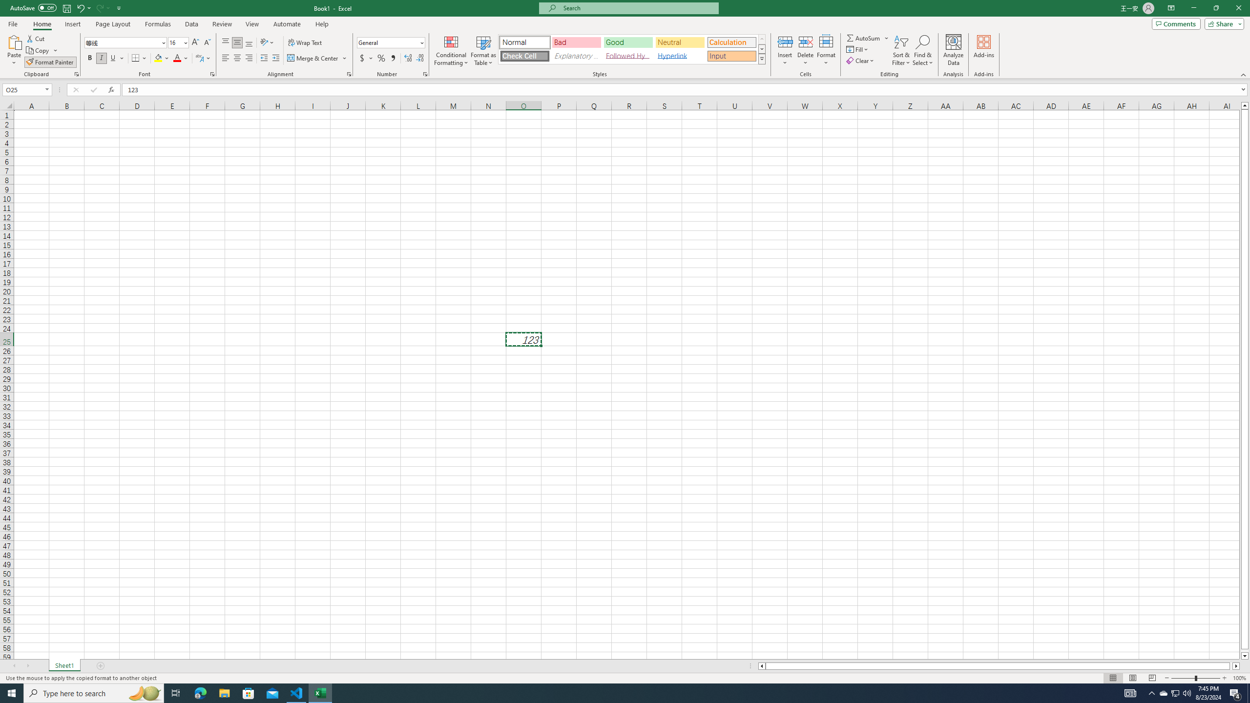  I want to click on 'Restore Down', so click(1216, 8).